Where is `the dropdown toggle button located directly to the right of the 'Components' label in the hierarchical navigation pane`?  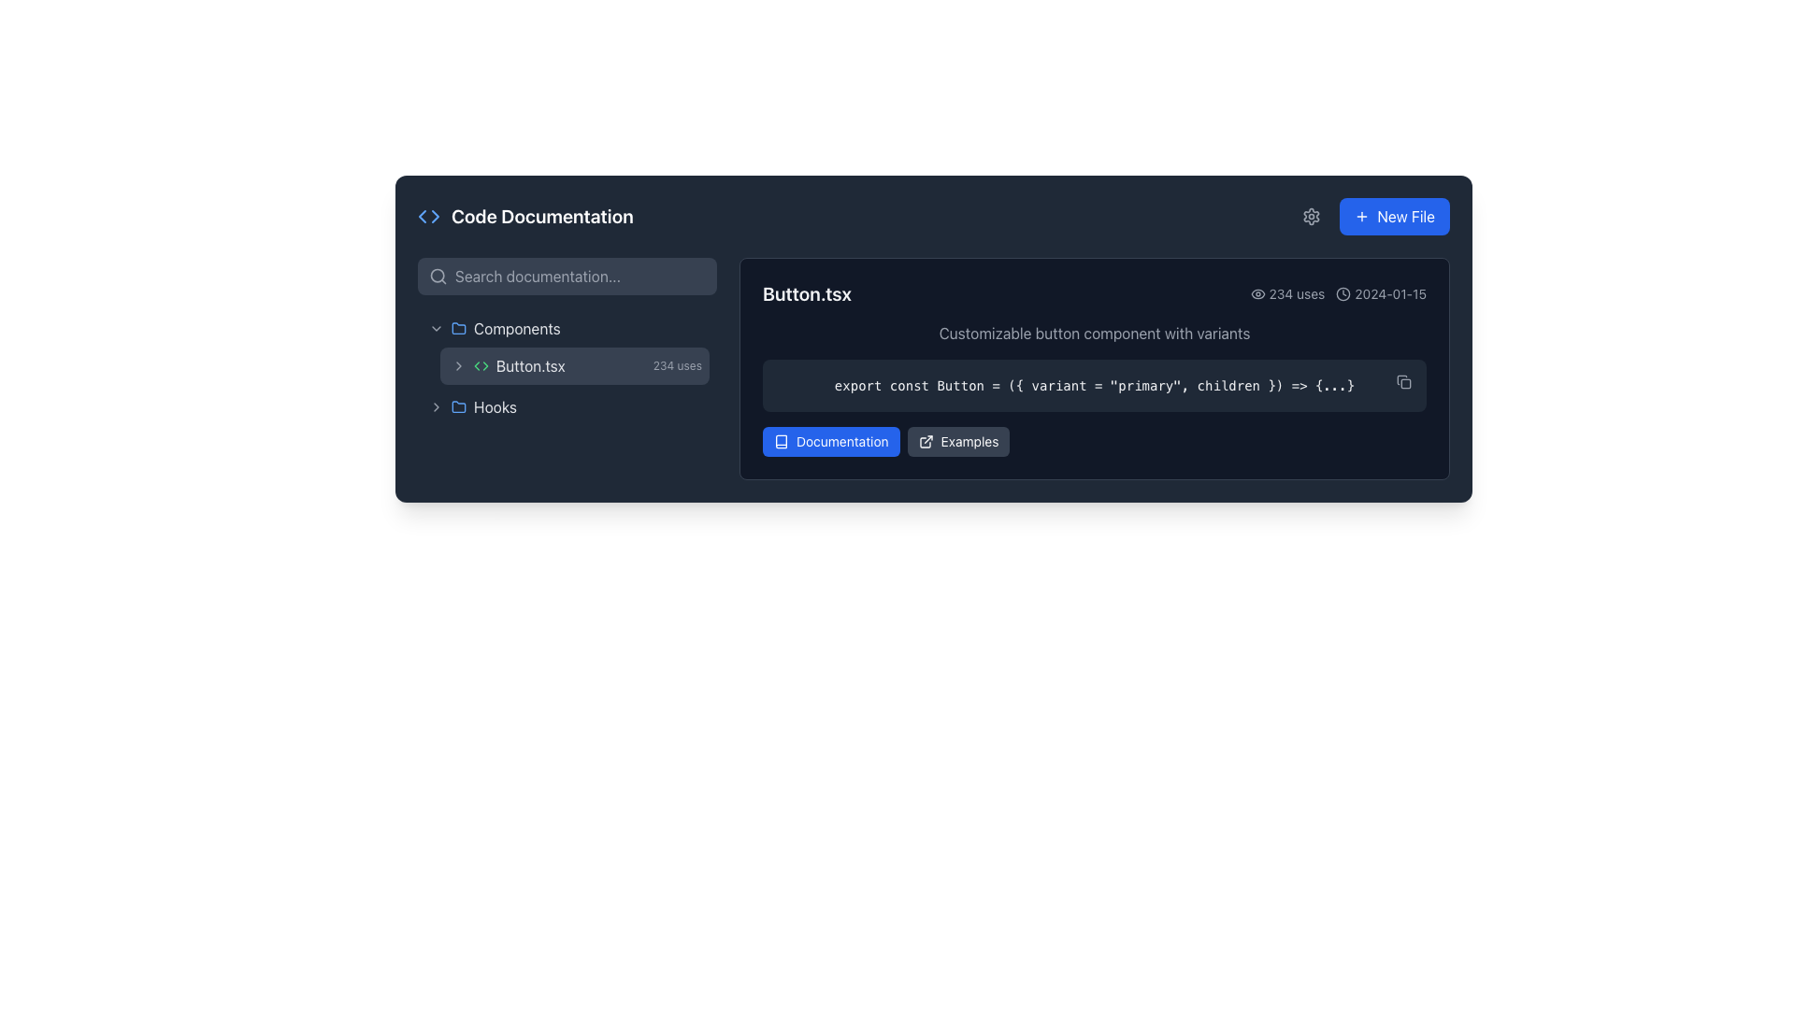 the dropdown toggle button located directly to the right of the 'Components' label in the hierarchical navigation pane is located at coordinates (435, 327).